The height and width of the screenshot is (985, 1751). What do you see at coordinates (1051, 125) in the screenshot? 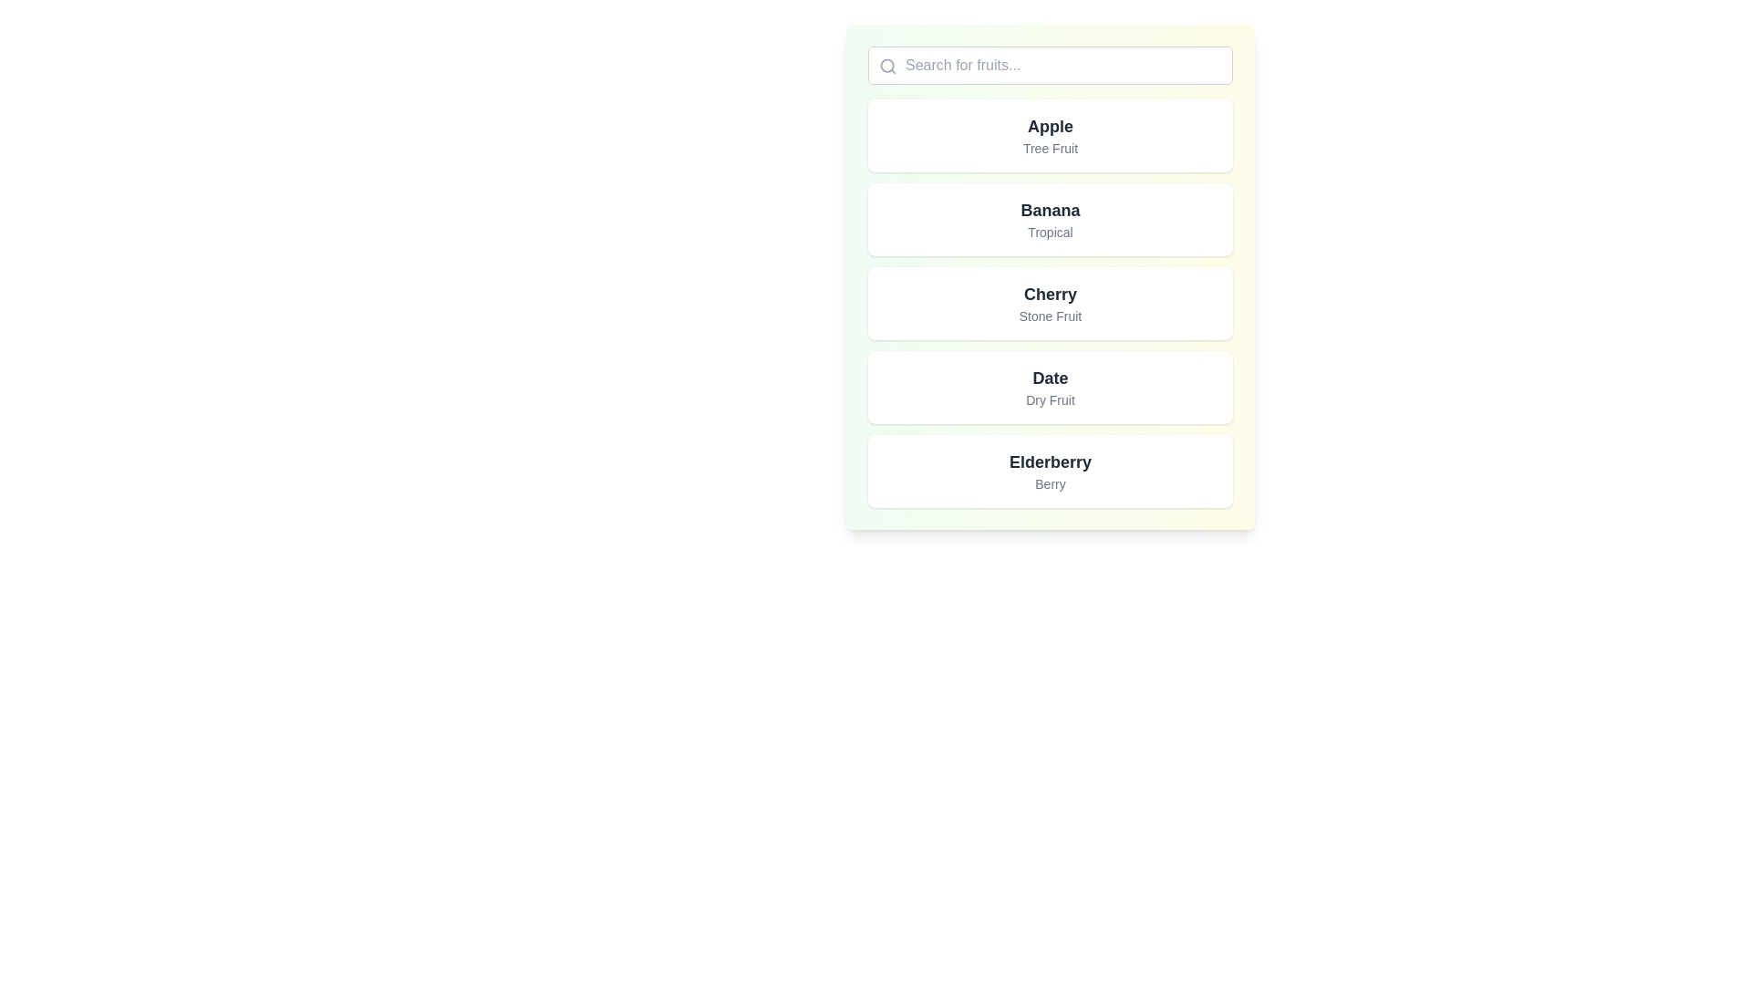
I see `the text label displaying 'Apple', which is in bold and dark gray, positioned in the top list item of a vertical list of fruit names` at bounding box center [1051, 125].